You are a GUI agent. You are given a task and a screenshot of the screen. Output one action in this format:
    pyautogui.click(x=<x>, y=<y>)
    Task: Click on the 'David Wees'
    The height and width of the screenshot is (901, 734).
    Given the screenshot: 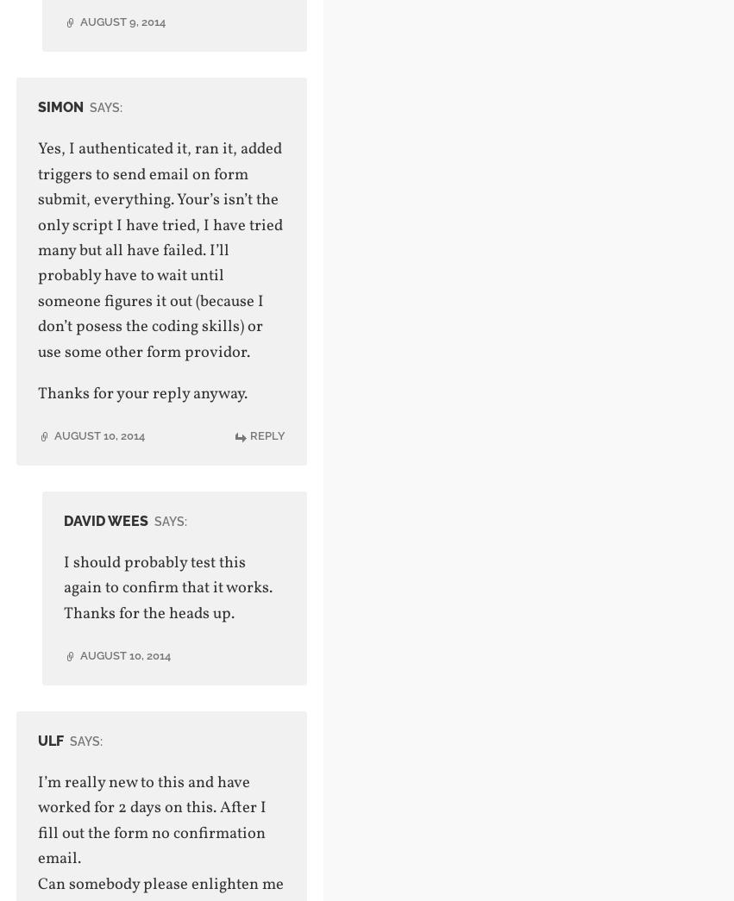 What is the action you would take?
    pyautogui.click(x=105, y=519)
    